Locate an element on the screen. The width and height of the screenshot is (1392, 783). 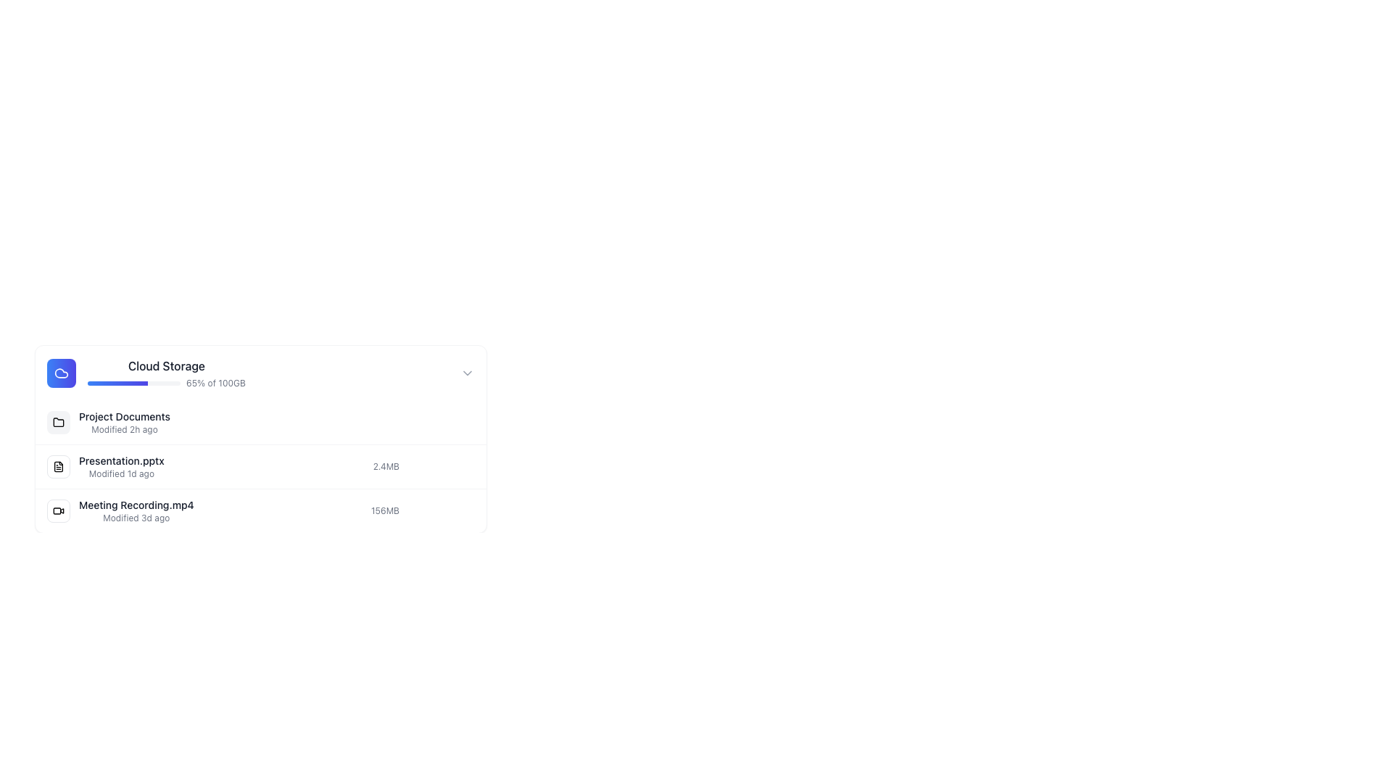
the text label that provides information about the size of the file 'Meeting Recording.mp4', located in the third row of the file list, to the right of the filename is located at coordinates (385, 510).